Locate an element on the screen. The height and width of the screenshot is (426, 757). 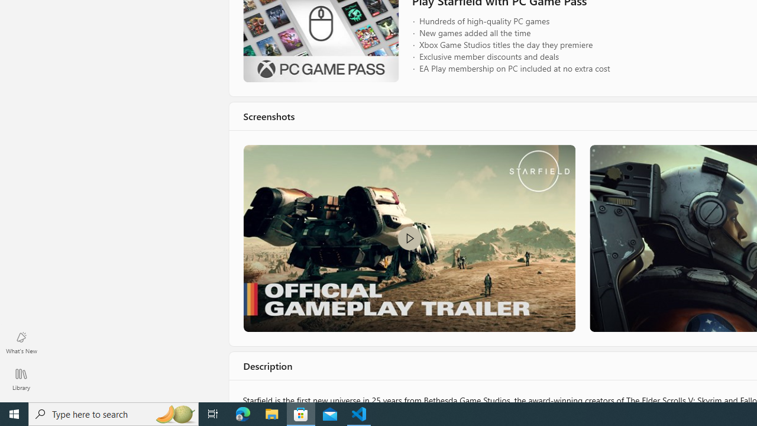
'Class: Image' is located at coordinates (409, 238).